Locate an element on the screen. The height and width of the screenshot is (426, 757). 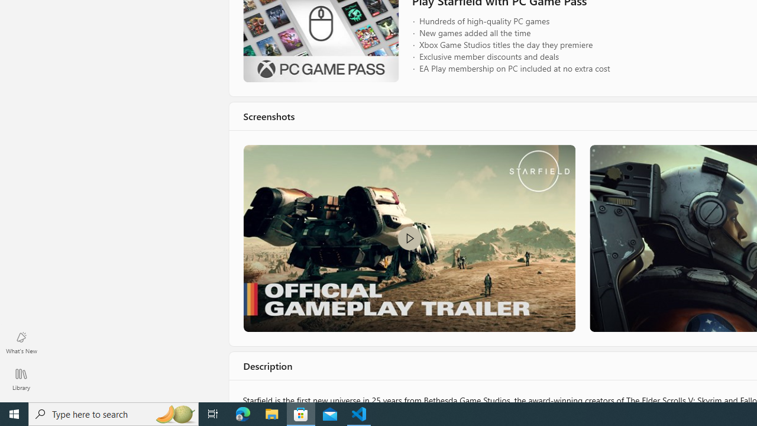
'Class: Image' is located at coordinates (409, 238).